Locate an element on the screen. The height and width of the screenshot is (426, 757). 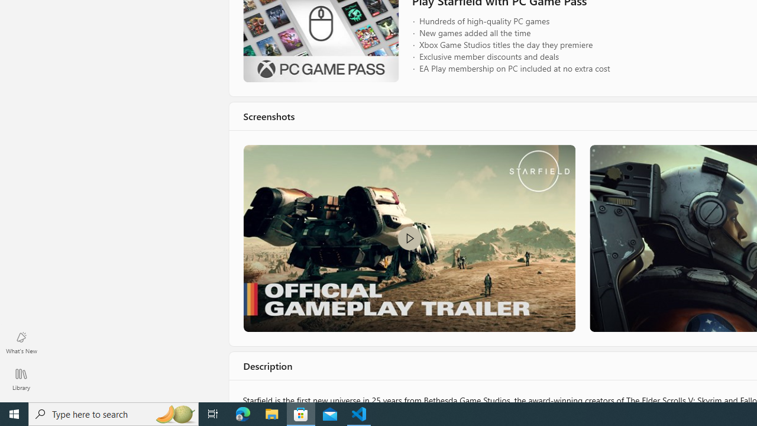
'Class: Image' is located at coordinates (409, 238).